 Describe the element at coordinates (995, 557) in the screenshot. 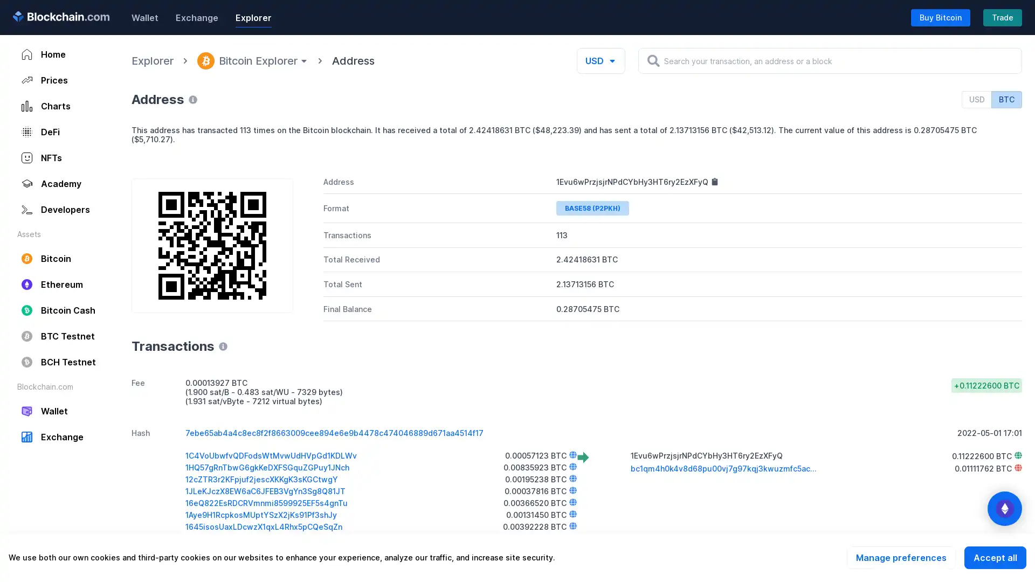

I see `Accept all` at that location.